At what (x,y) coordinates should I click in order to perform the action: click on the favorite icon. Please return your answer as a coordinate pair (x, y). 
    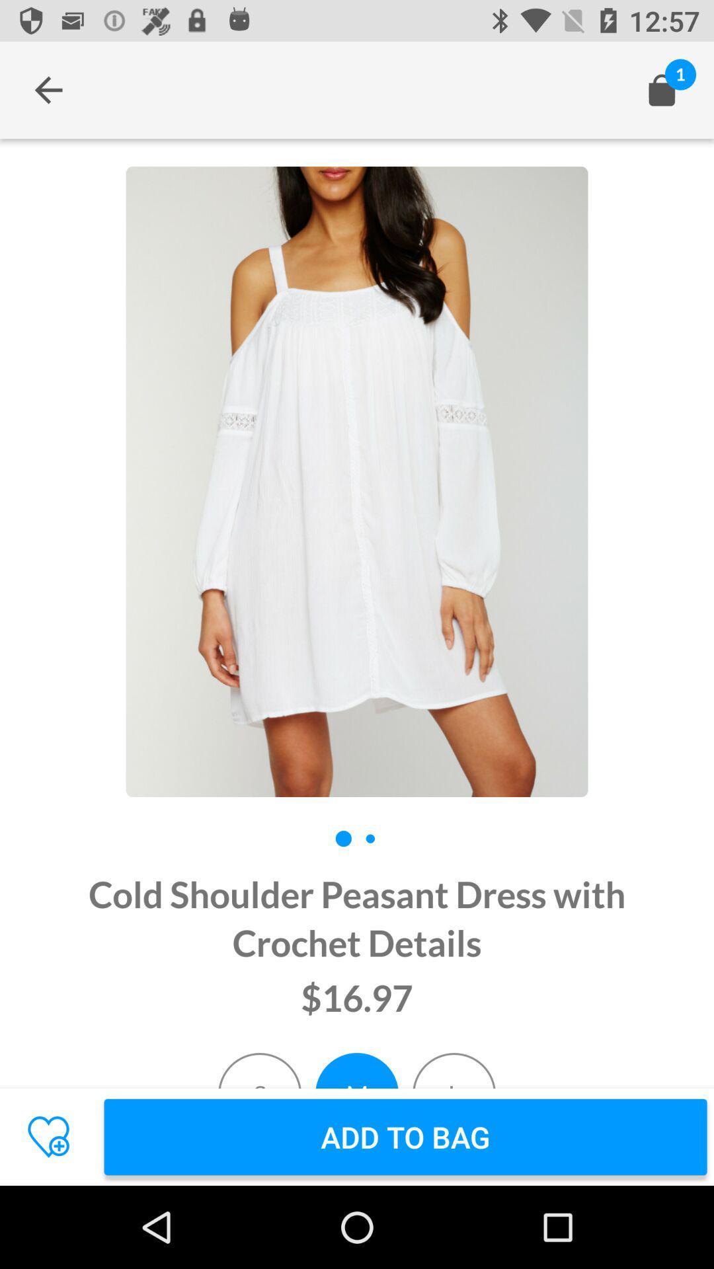
    Looking at the image, I should click on (48, 1136).